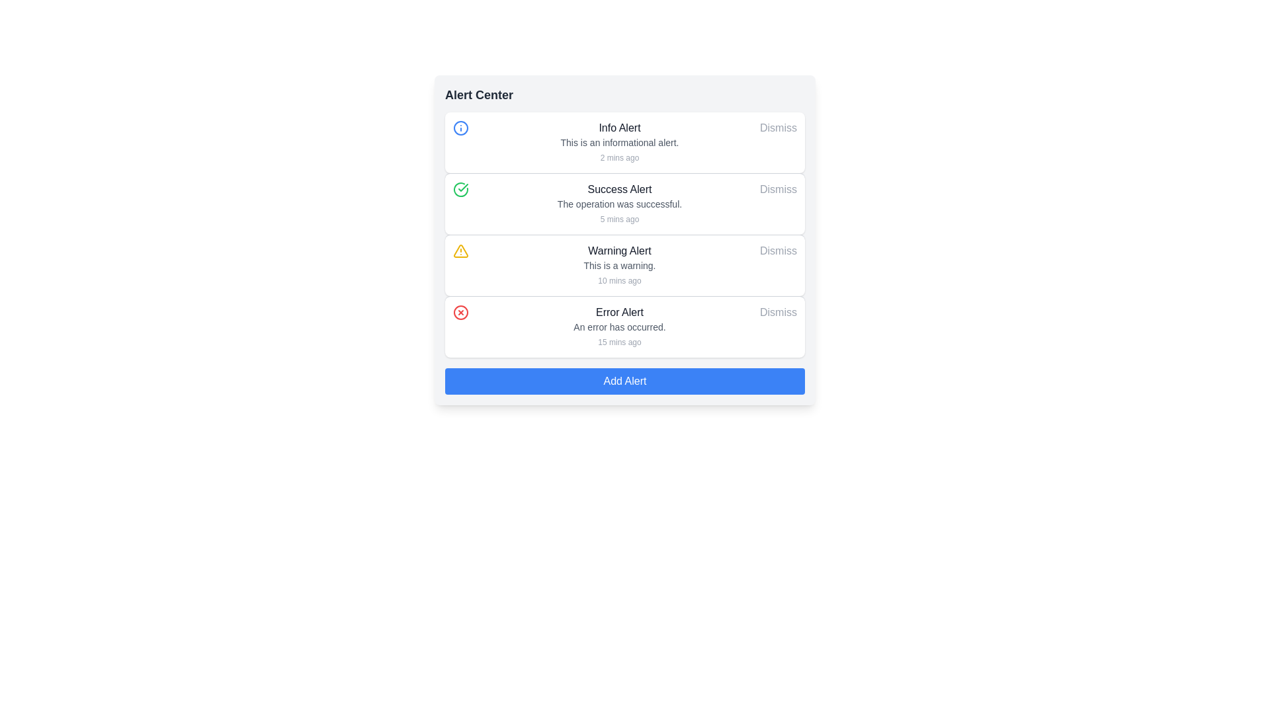  I want to click on the Text Label located in the header area of the interface, which serves as the title or heading for the surrounding section, so click(478, 94).